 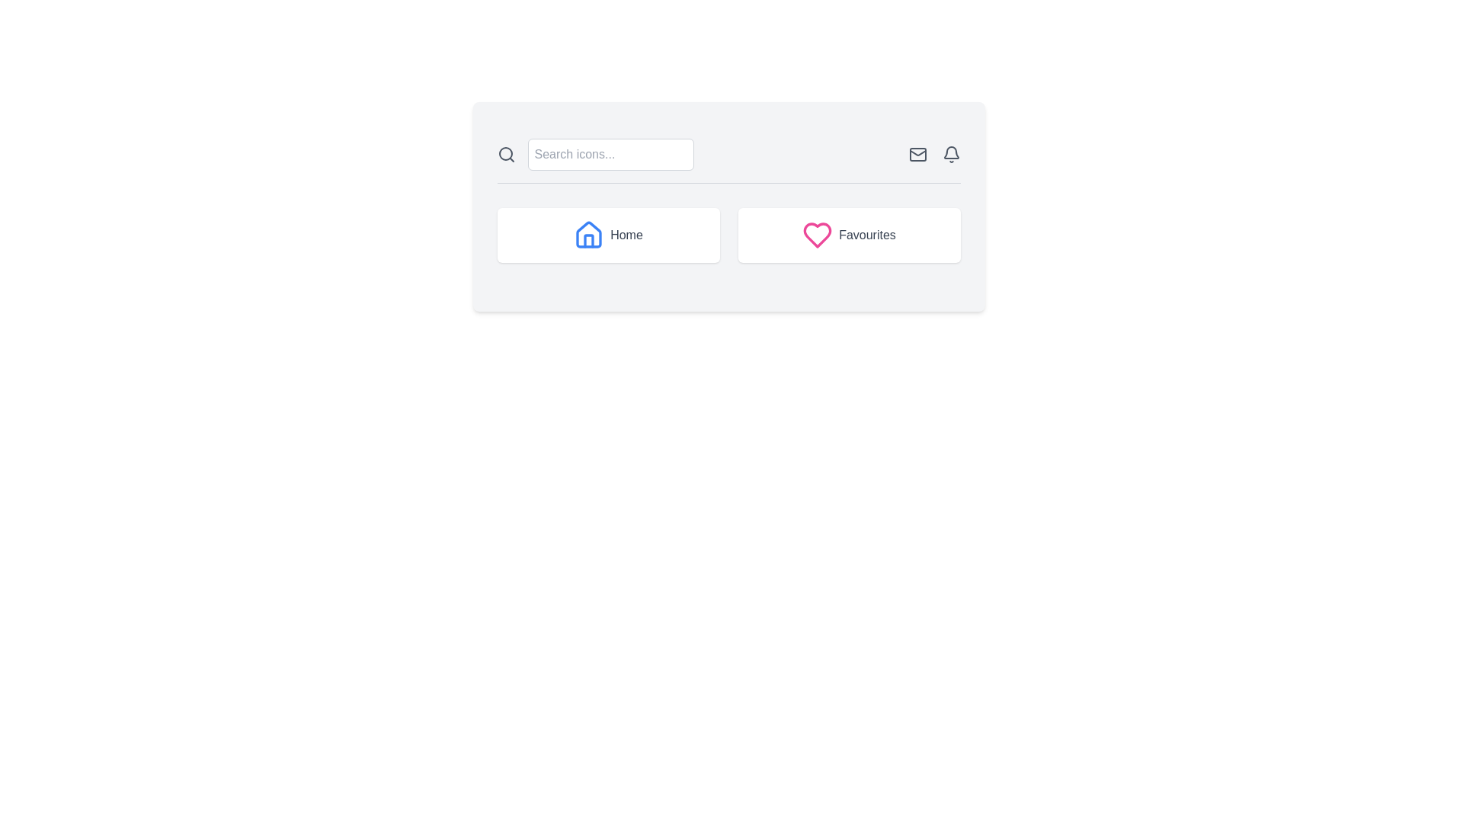 I want to click on the 'Home' card-like section, which is the first card in a two-card grid layout and is located to the left of the 'Favourites' card, so click(x=607, y=235).